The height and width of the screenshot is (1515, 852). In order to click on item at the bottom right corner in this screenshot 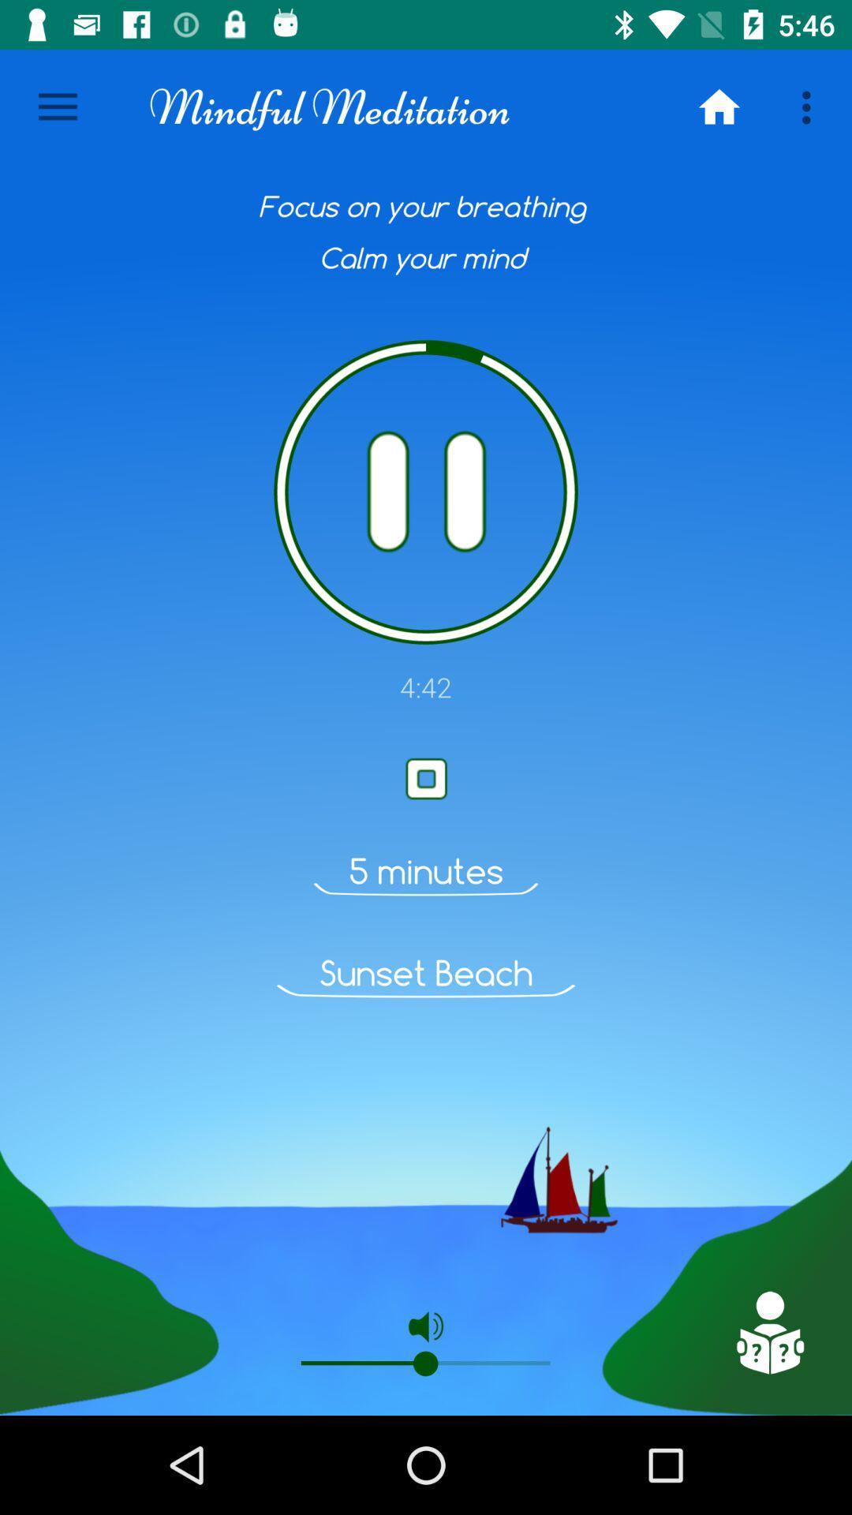, I will do `click(768, 1332)`.